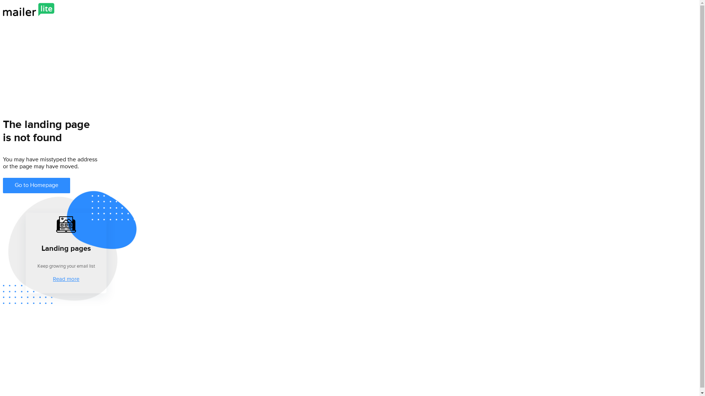  I want to click on 'Go to Homepage', so click(36, 185).